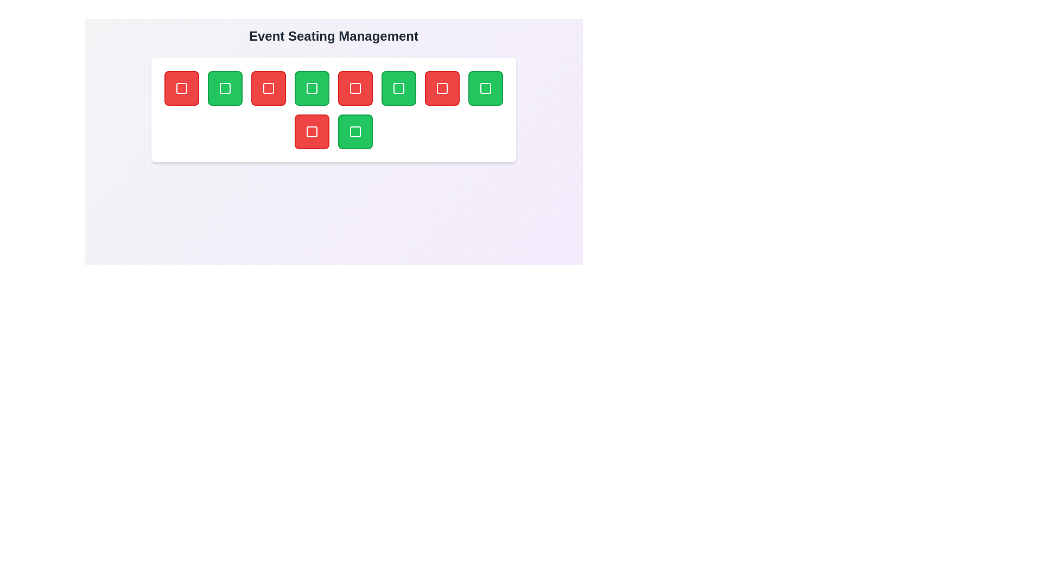  Describe the element at coordinates (355, 131) in the screenshot. I see `the SVG Rectangle with Rounded Edges located in the fourth green square of the second row in the seating management interface` at that location.